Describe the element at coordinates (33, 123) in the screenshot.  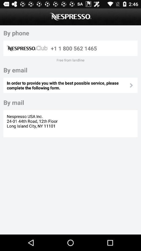
I see `the icon below the by mail icon` at that location.